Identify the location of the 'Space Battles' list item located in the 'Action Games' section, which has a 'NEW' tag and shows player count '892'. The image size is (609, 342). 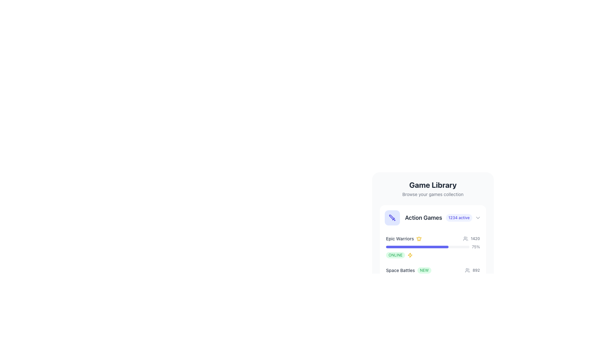
(432, 270).